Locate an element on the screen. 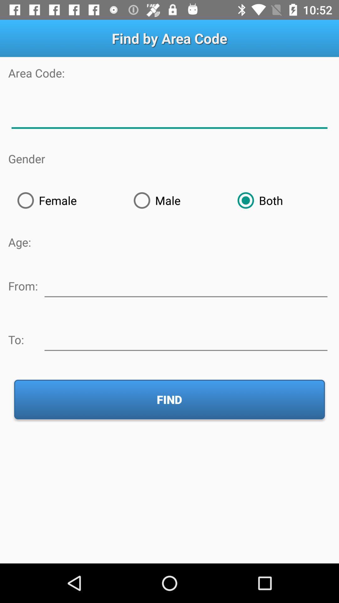 Image resolution: width=339 pixels, height=603 pixels. the item to the left of the both item is located at coordinates (176, 200).